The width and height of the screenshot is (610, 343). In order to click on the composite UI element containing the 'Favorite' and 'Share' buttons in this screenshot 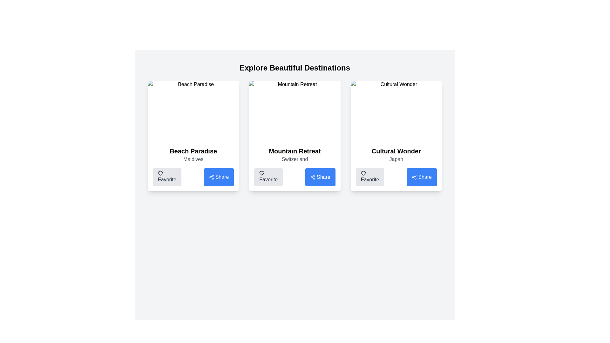, I will do `click(294, 177)`.